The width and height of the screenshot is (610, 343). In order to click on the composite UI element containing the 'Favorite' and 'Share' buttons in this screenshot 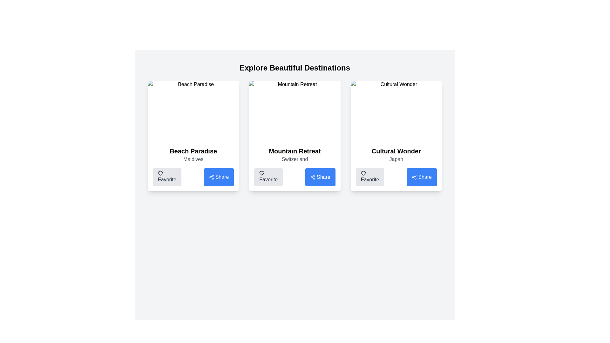, I will do `click(294, 177)`.